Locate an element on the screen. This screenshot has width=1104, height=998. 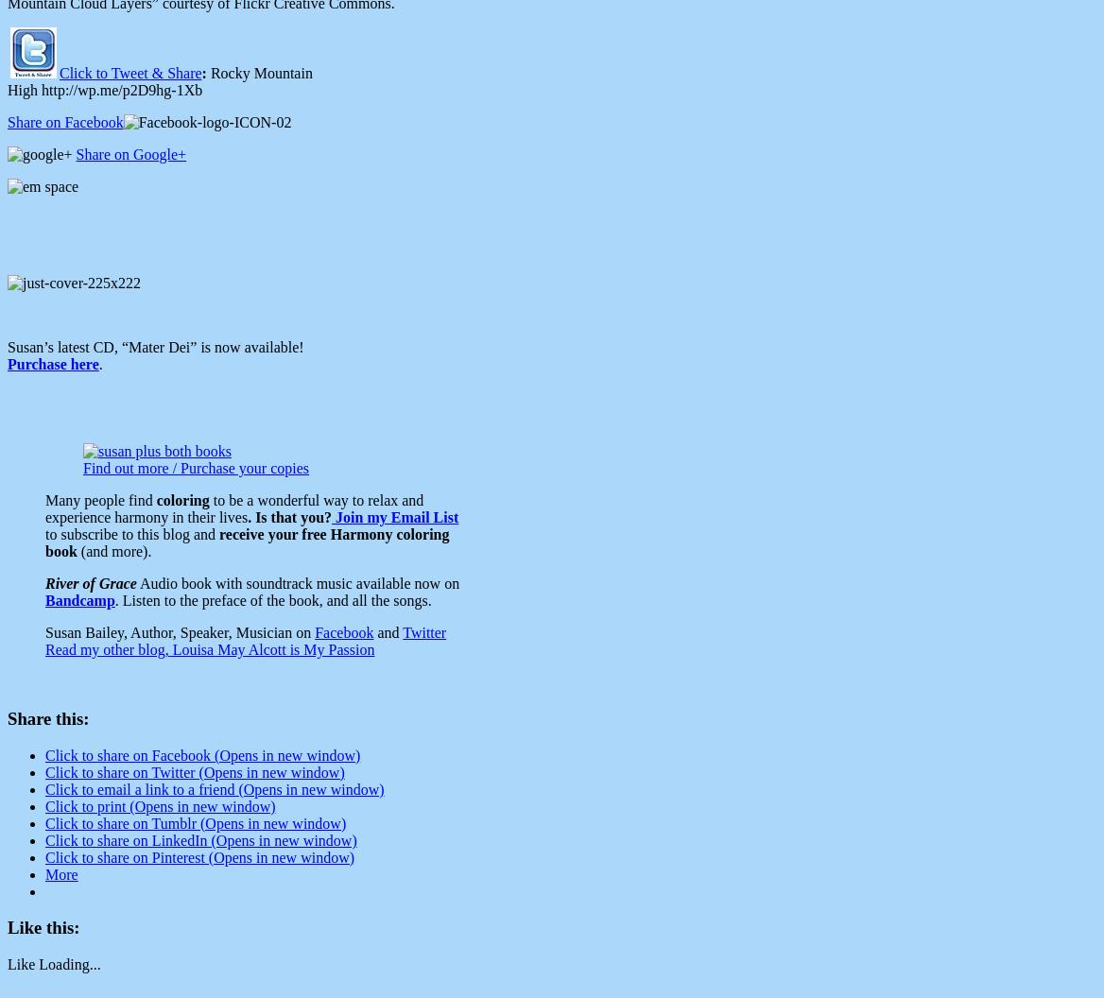
'. Listen to the preface of the book, and all the songs.' is located at coordinates (271, 599).